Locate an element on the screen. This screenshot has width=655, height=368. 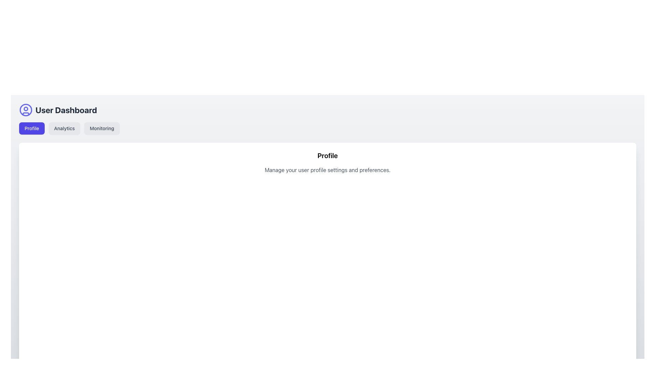
the text label that says 'Manage your user profile settings and preferences.' which is located immediately below the 'Profile' heading within the white panel is located at coordinates (327, 169).